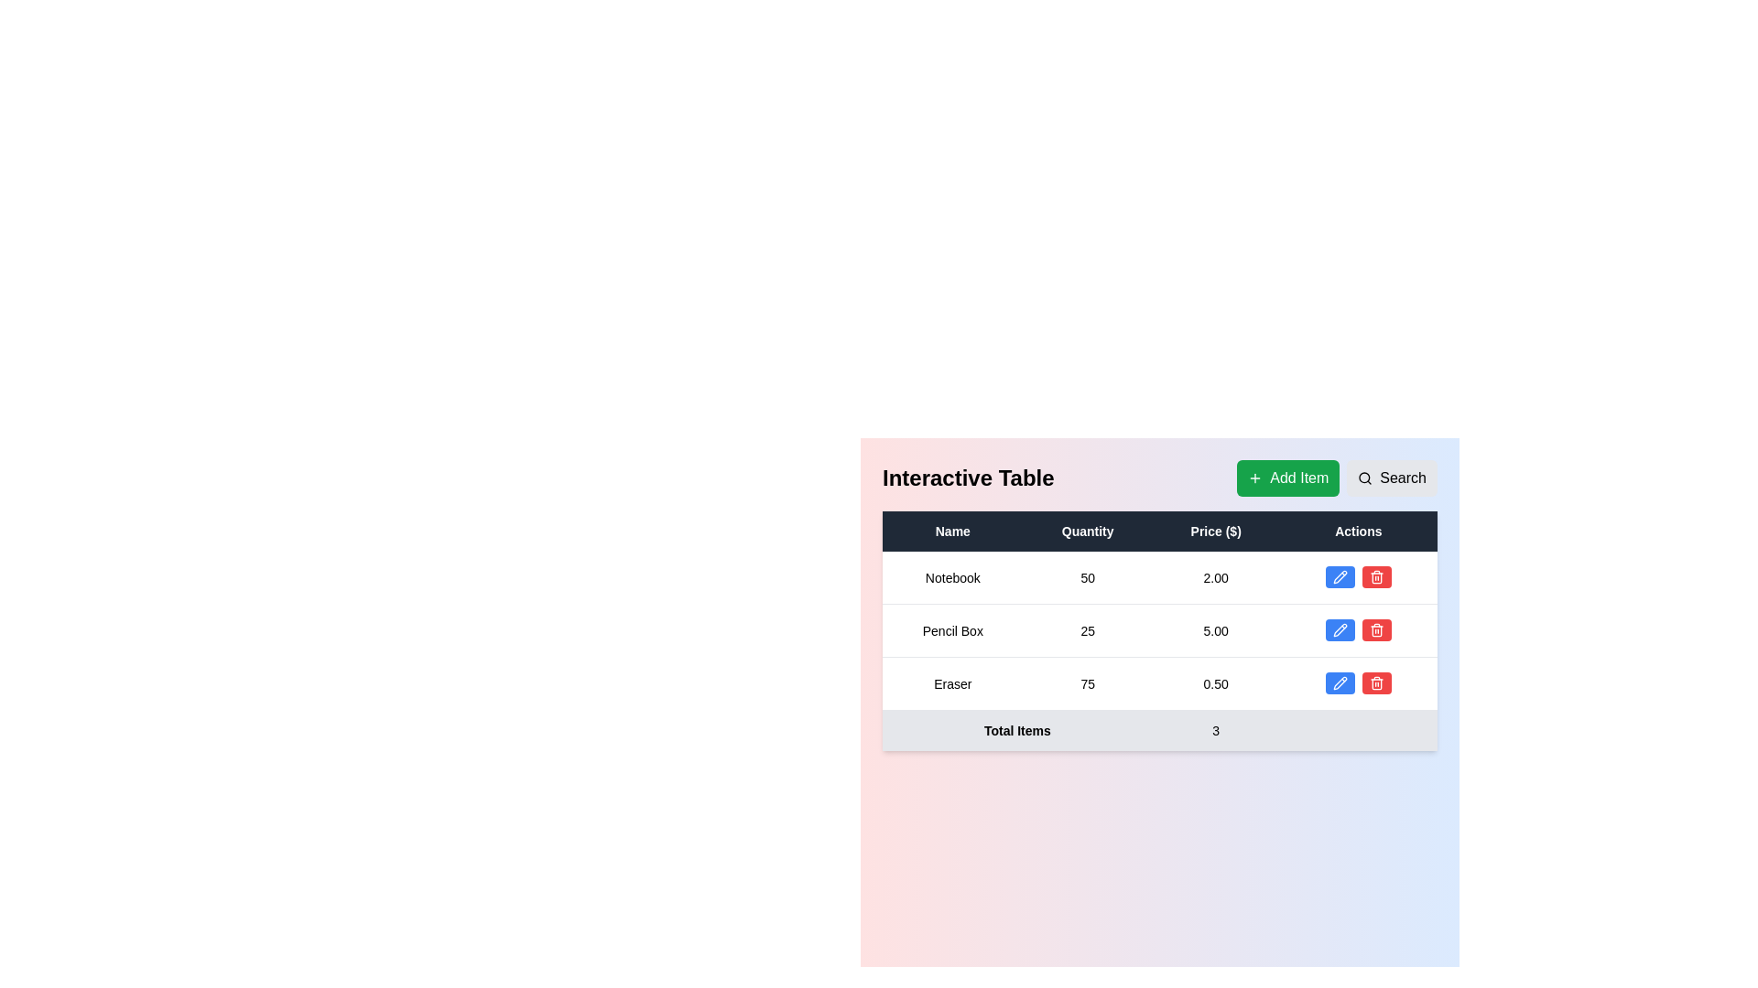  I want to click on the 'Quantity' text label, which is the second column header in the table, centered between 'Name' and 'Price ($)', so click(1088, 532).